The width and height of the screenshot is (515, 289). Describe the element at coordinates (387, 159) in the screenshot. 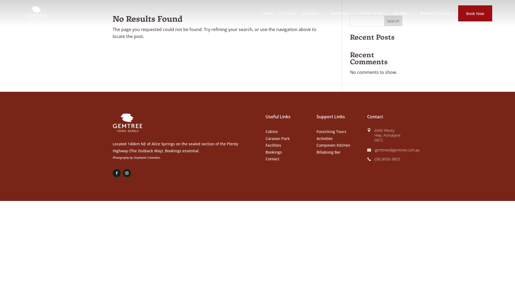

I see `'(08) 8956 9855'` at that location.